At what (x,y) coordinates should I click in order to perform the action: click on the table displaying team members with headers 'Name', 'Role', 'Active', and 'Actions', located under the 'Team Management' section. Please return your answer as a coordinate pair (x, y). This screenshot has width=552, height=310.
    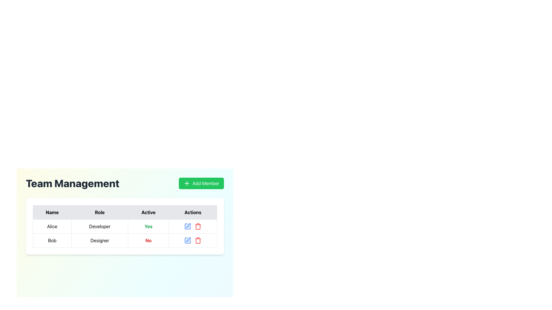
    Looking at the image, I should click on (124, 226).